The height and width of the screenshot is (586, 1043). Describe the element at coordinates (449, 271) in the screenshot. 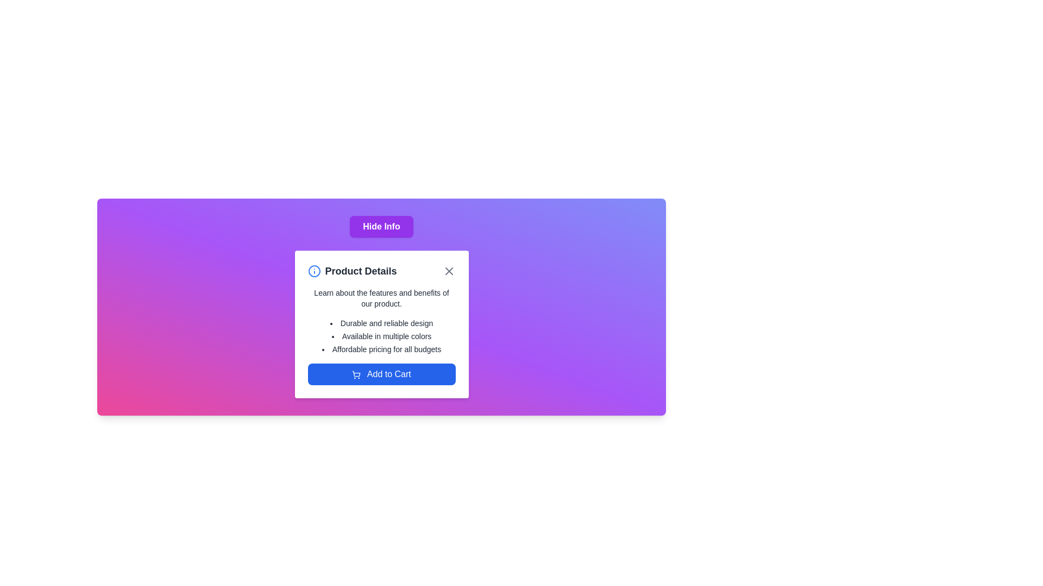

I see `the close button for the 'Product Details' modal to observe a color change` at that location.